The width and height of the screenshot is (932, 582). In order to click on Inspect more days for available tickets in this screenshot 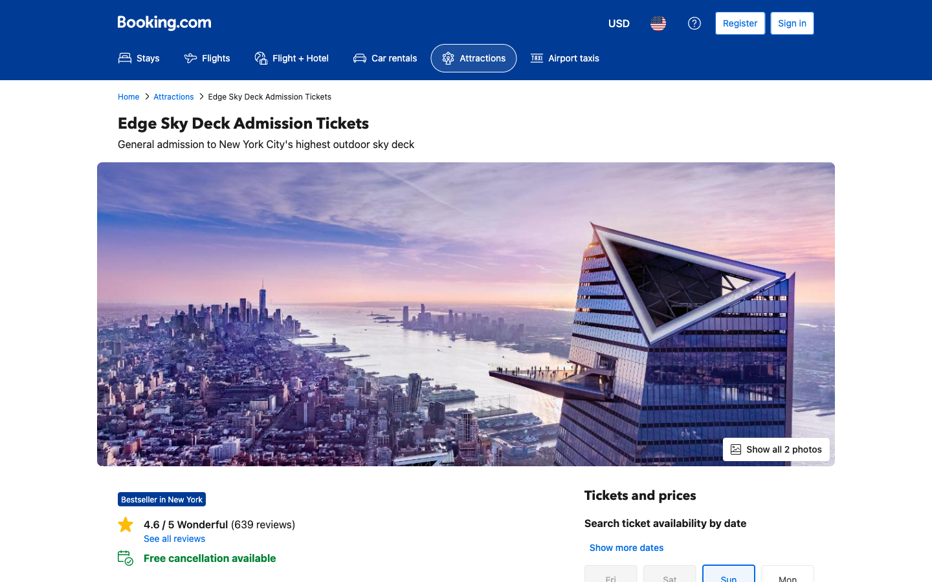, I will do `click(625, 547)`.